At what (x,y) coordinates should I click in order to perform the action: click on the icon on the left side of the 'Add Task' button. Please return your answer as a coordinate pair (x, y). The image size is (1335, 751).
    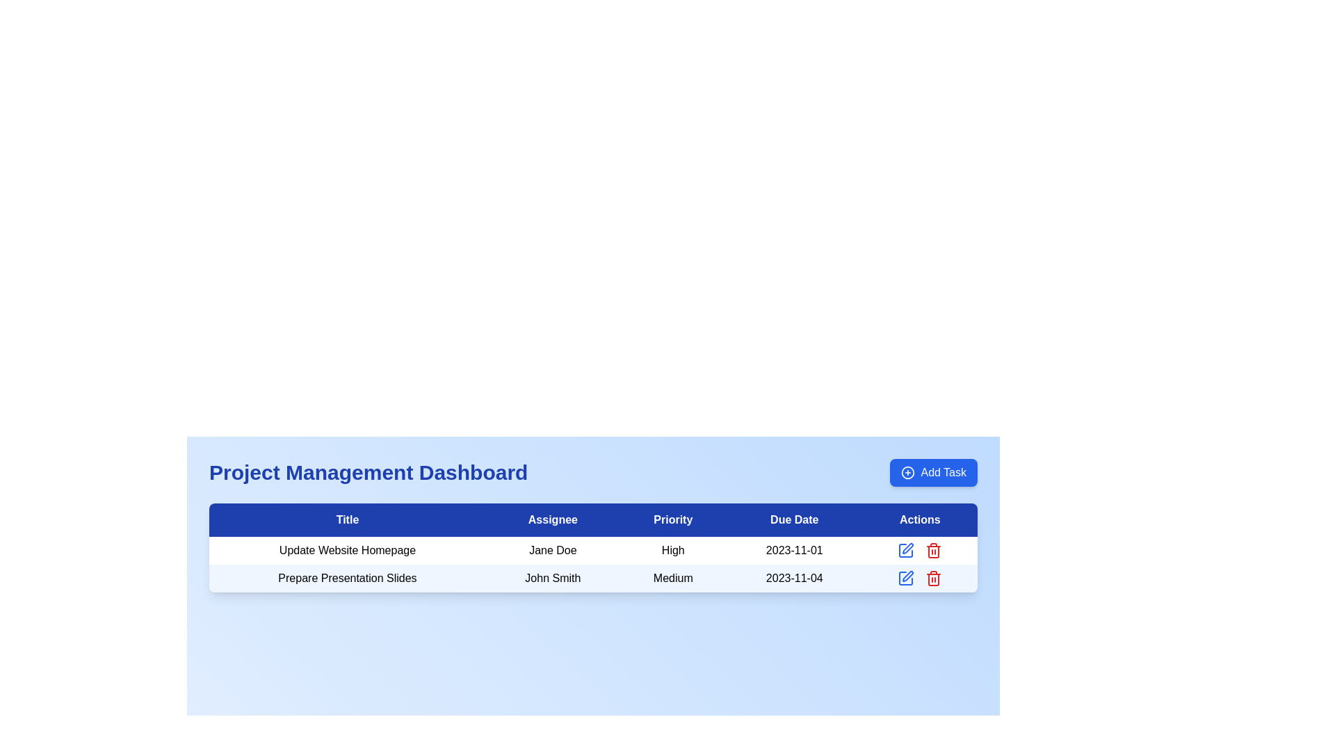
    Looking at the image, I should click on (908, 471).